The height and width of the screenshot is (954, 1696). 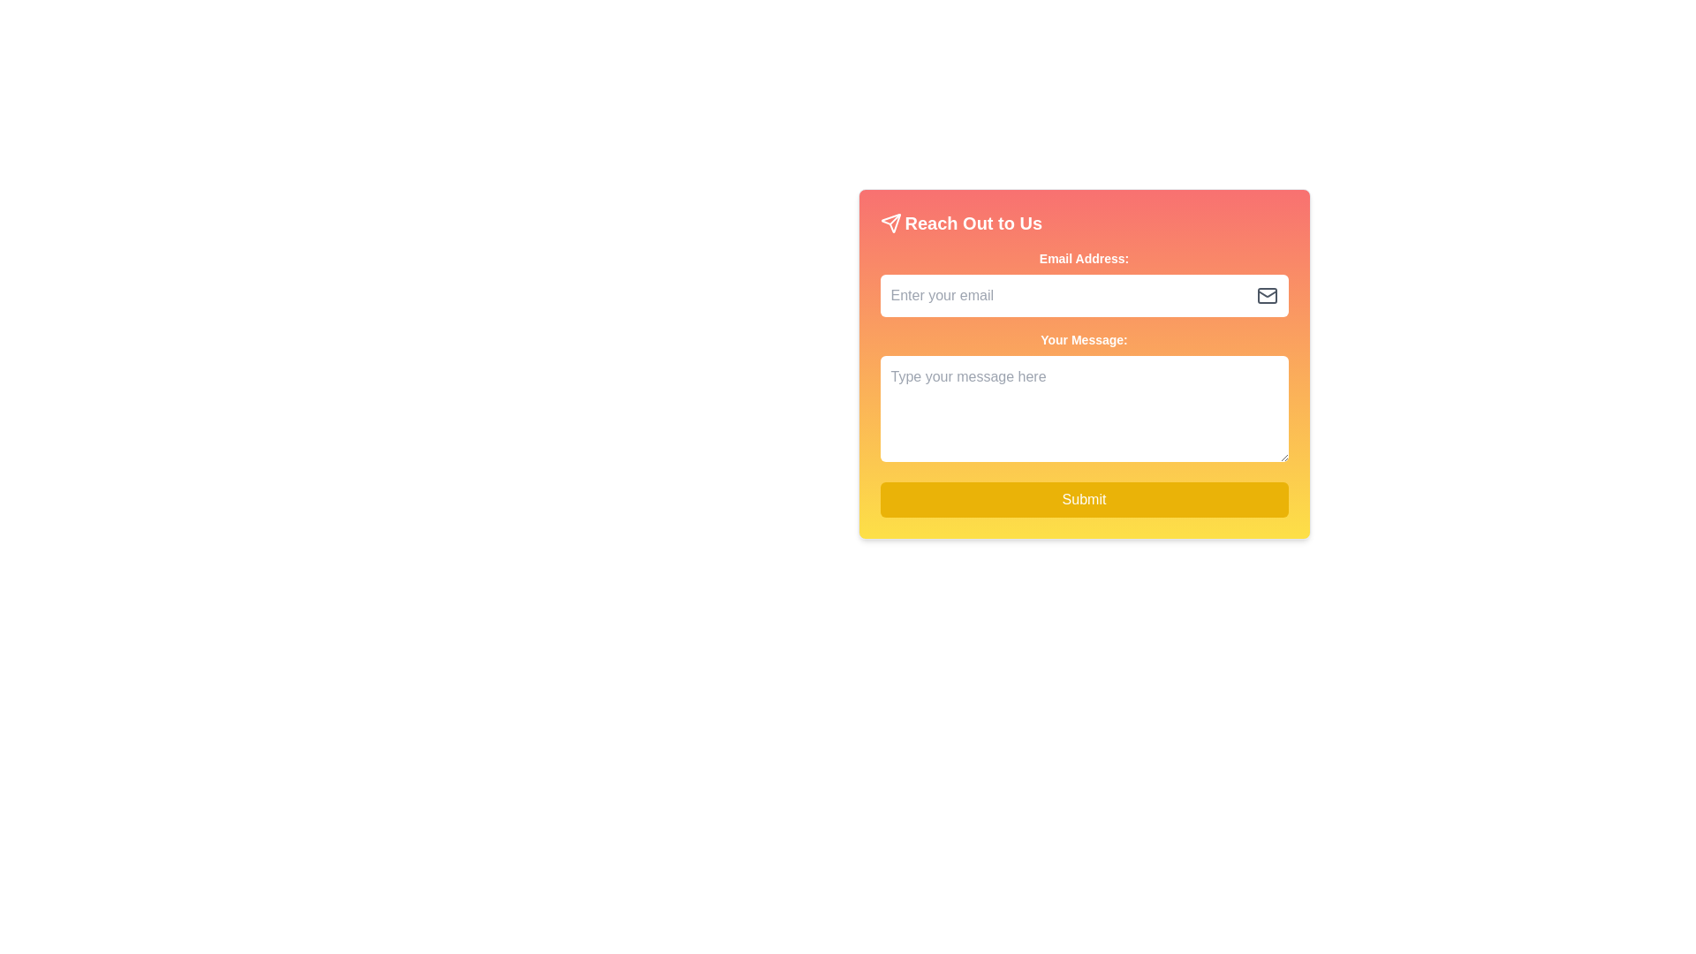 I want to click on the email input field indicator icon located at the top-right corner of the 'Email Address:' input field in the 'Reach Out to Us' section, so click(x=1266, y=295).